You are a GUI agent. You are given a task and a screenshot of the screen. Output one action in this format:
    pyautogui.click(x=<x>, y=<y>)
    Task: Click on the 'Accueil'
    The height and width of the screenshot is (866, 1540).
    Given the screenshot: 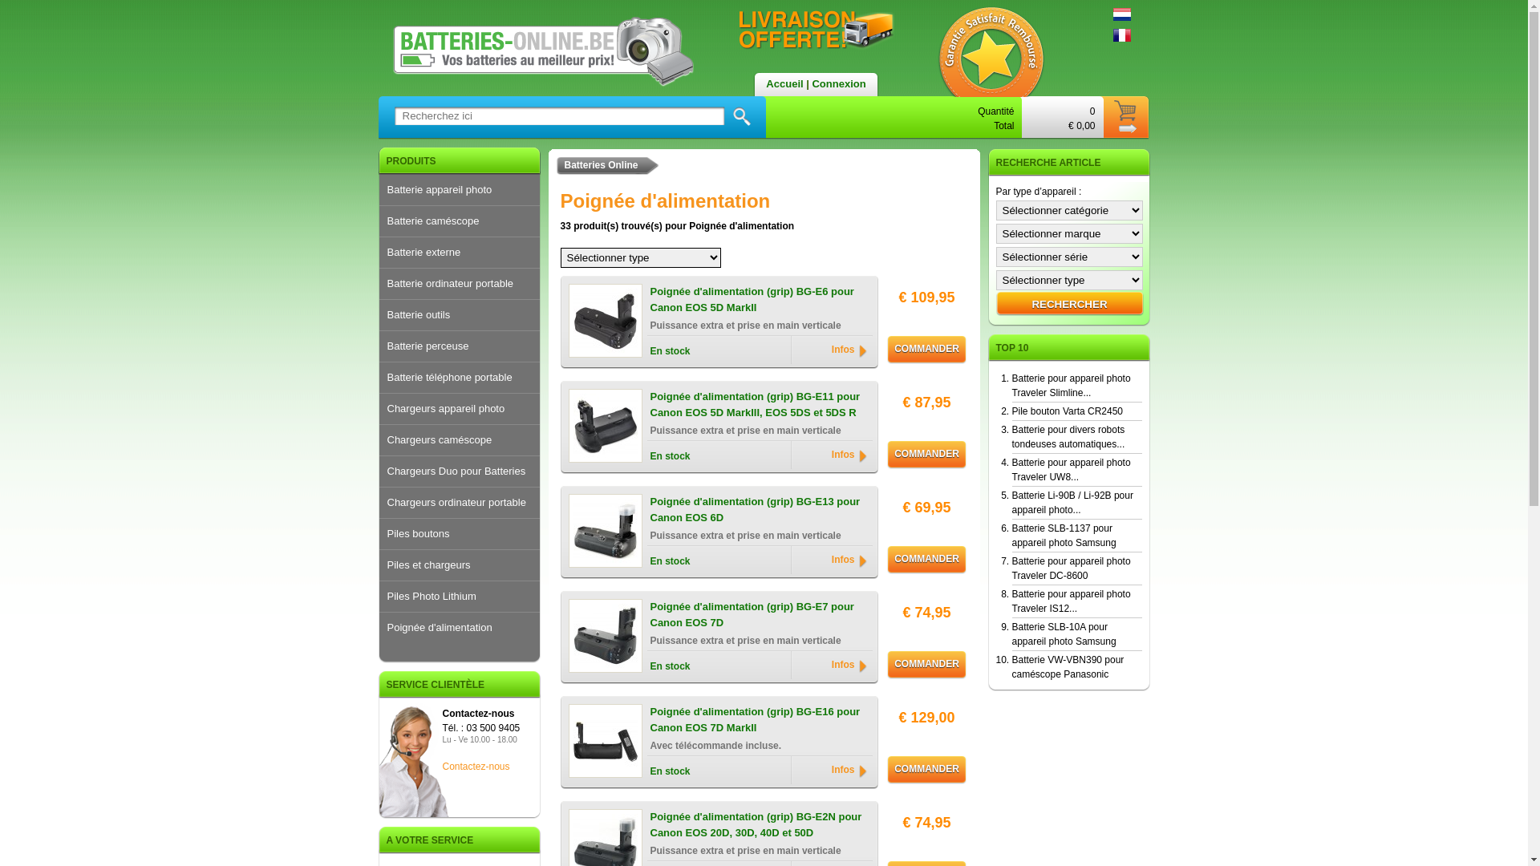 What is the action you would take?
    pyautogui.click(x=784, y=83)
    